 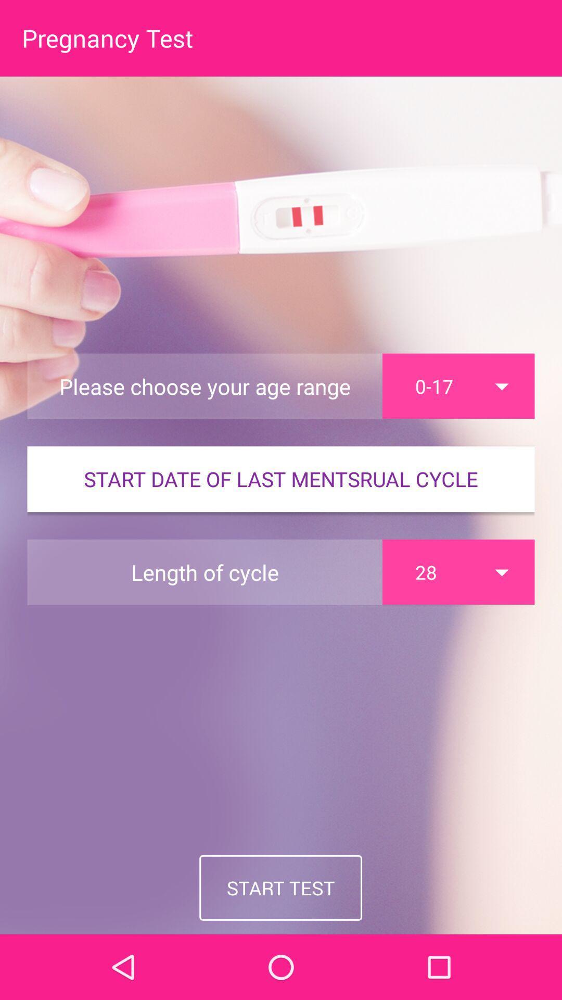 What do you see at coordinates (281, 479) in the screenshot?
I see `icon above 28 icon` at bounding box center [281, 479].